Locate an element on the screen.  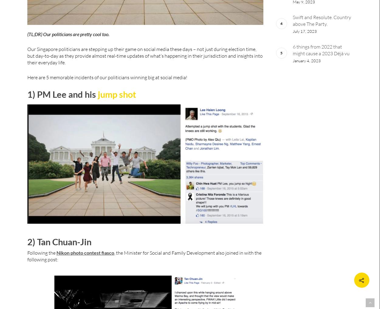
'Nikon photo contest fiasco' is located at coordinates (85, 252).